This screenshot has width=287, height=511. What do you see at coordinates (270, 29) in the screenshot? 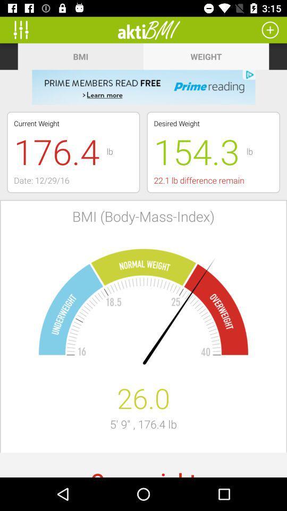
I see `option` at bounding box center [270, 29].